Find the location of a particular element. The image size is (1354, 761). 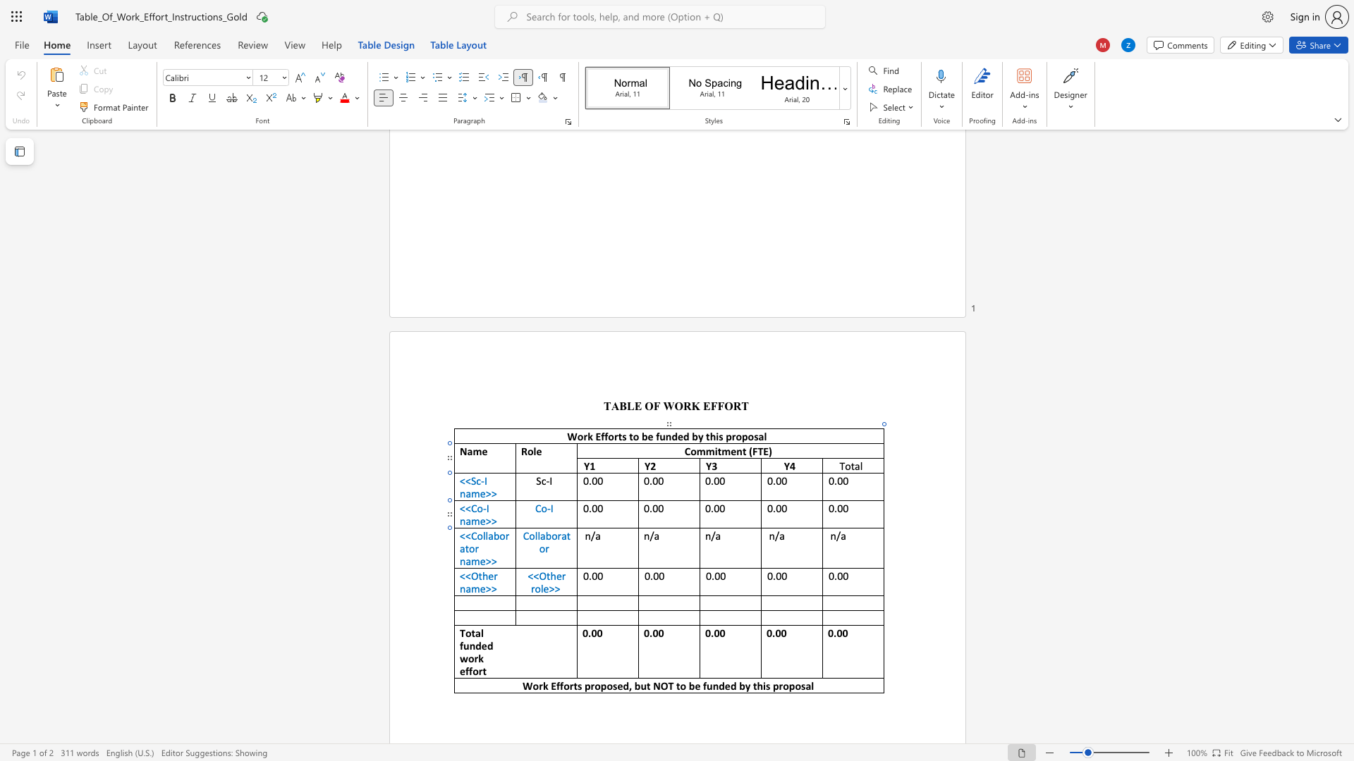

the 1th character "a" in the text is located at coordinates (477, 632).